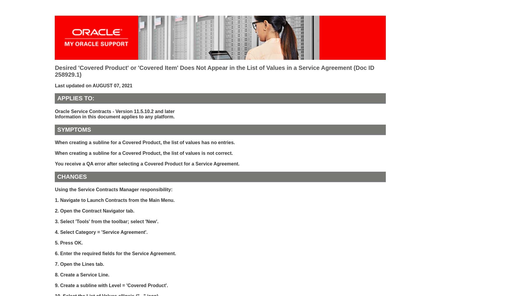 This screenshot has width=530, height=296. Describe the element at coordinates (114, 200) in the screenshot. I see `'1. Navigate to Launch Contracts from the Main Menu.'` at that location.